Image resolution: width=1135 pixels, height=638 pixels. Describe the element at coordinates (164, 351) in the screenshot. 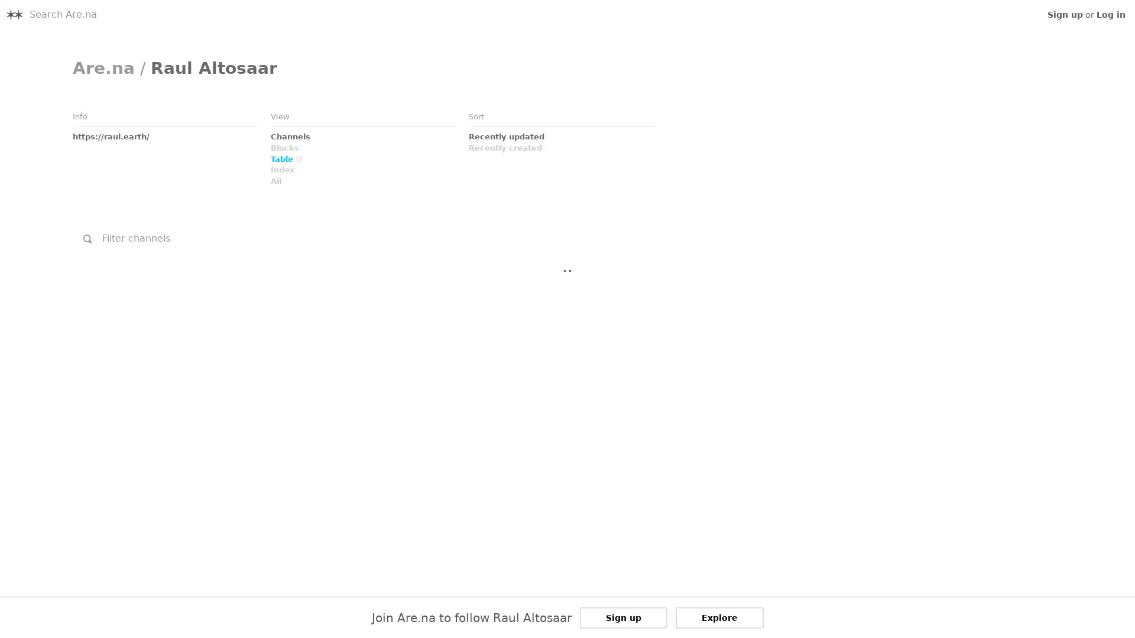

I see `Link to Channel: undefined` at that location.